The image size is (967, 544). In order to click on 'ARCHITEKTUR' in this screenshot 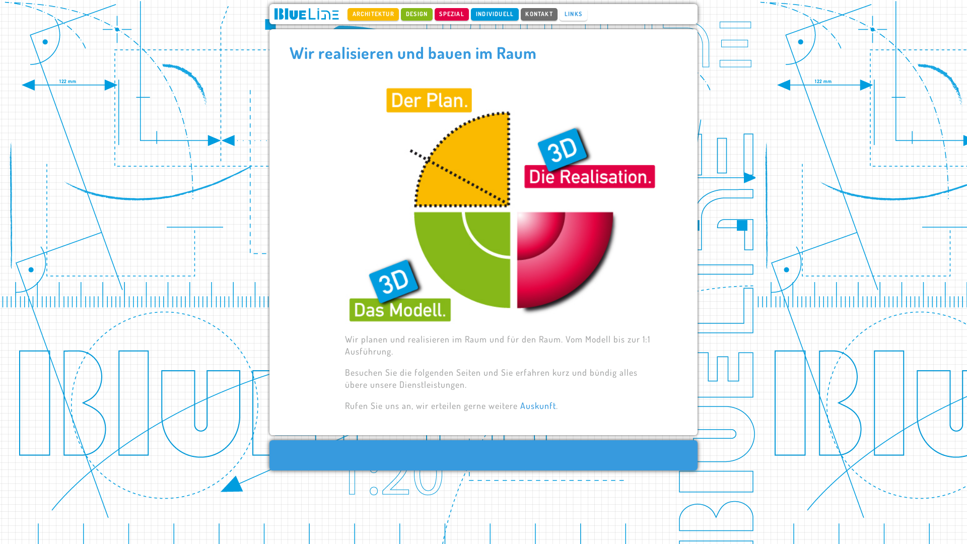, I will do `click(372, 14)`.